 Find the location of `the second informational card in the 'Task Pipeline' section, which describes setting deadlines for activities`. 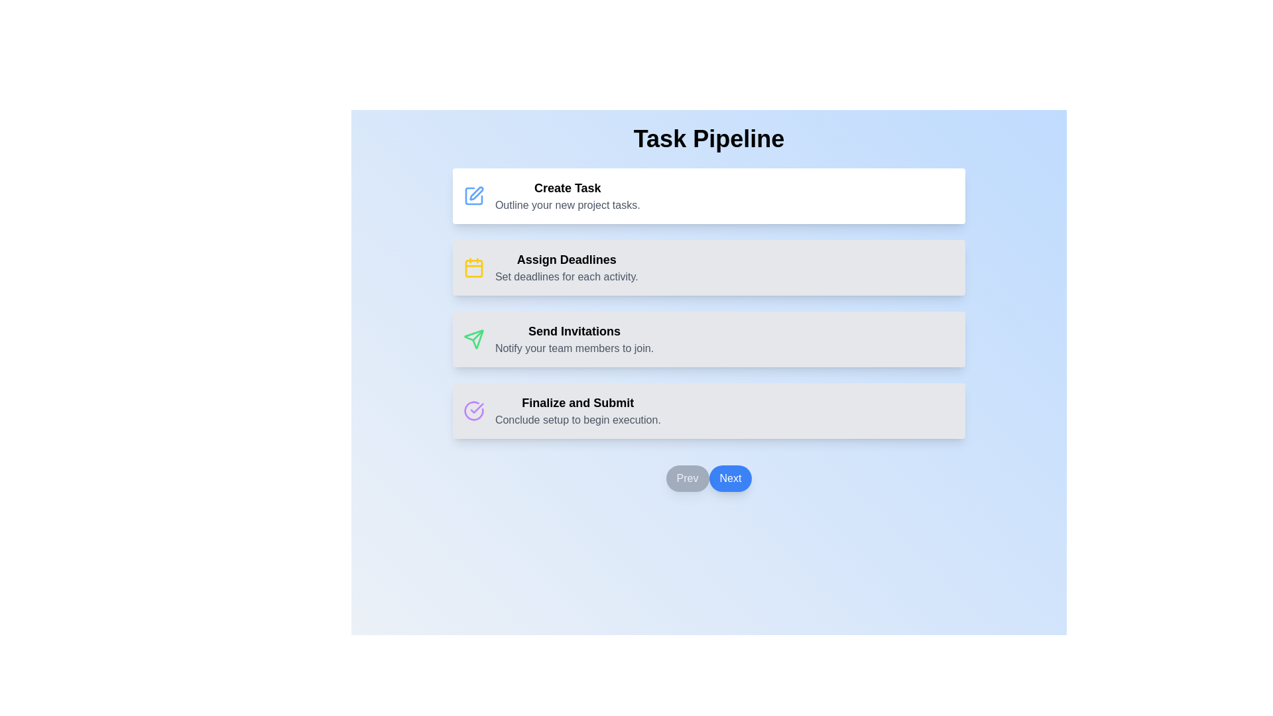

the second informational card in the 'Task Pipeline' section, which describes setting deadlines for activities is located at coordinates (708, 268).